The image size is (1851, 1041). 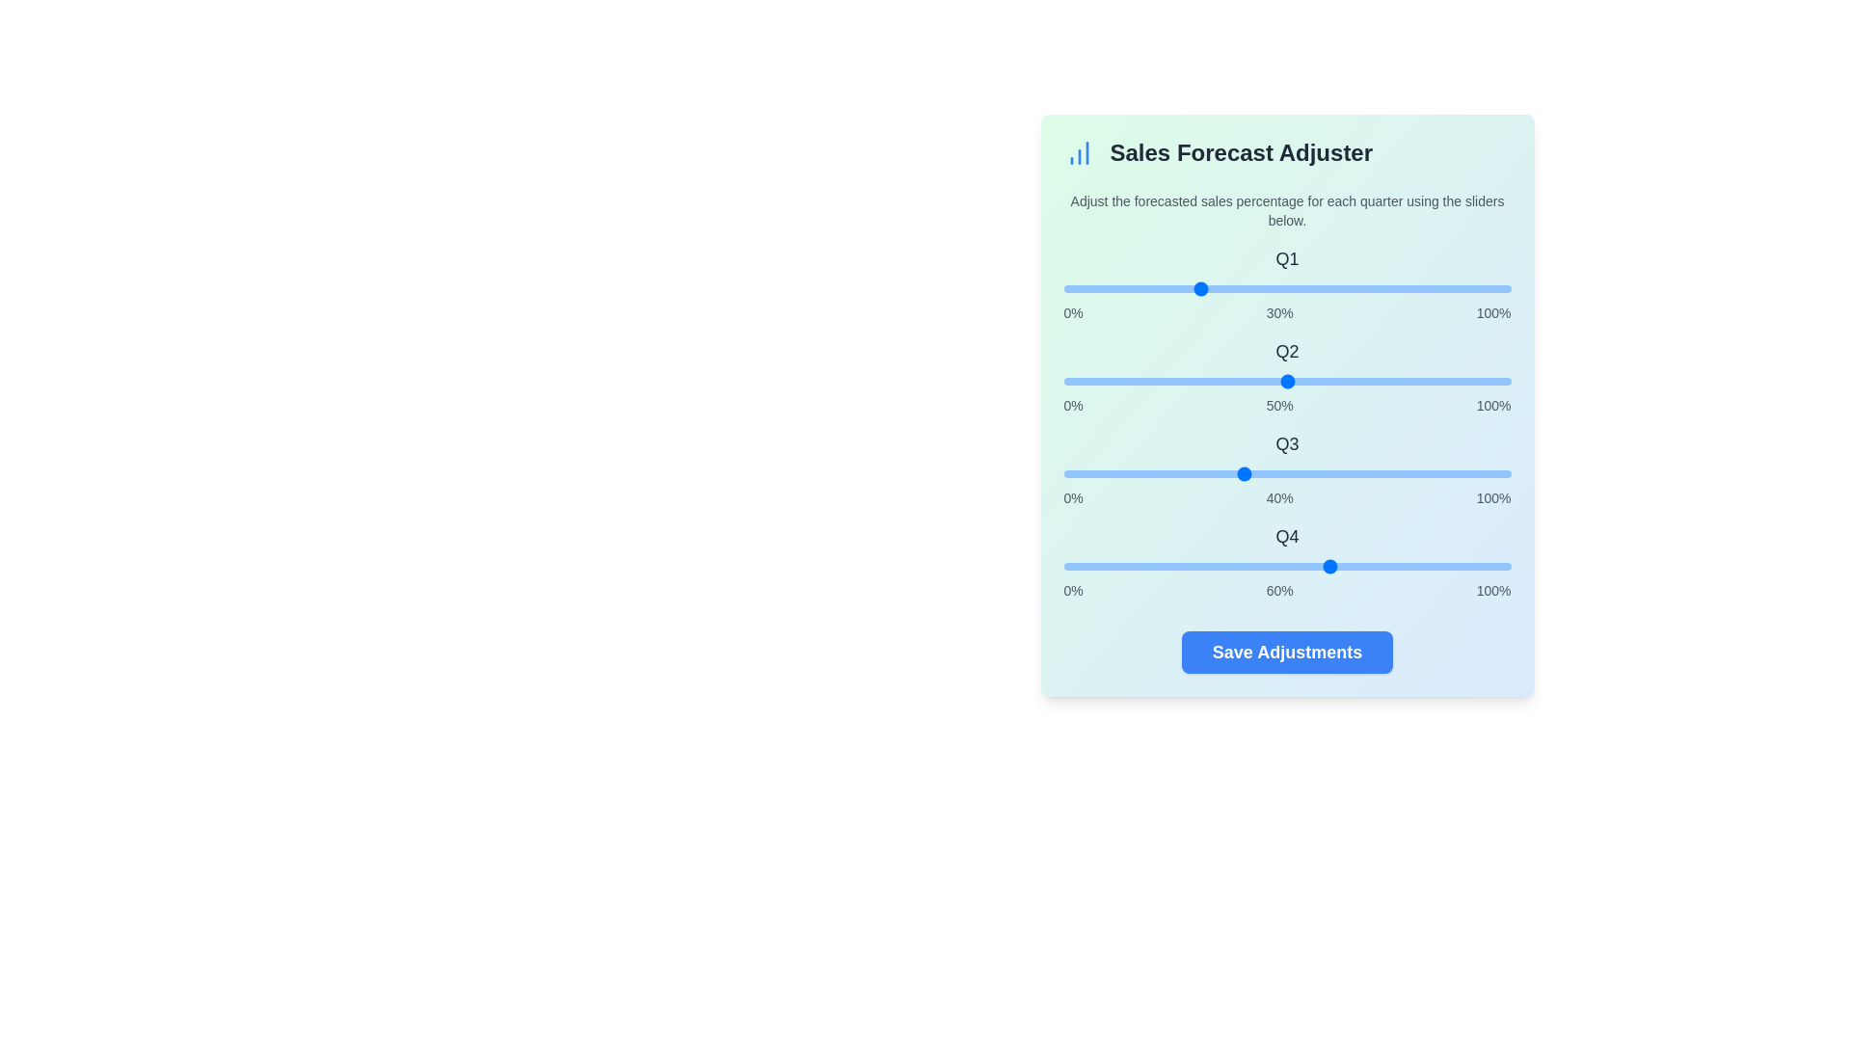 I want to click on the Q3 slider to 97%, so click(x=1496, y=474).